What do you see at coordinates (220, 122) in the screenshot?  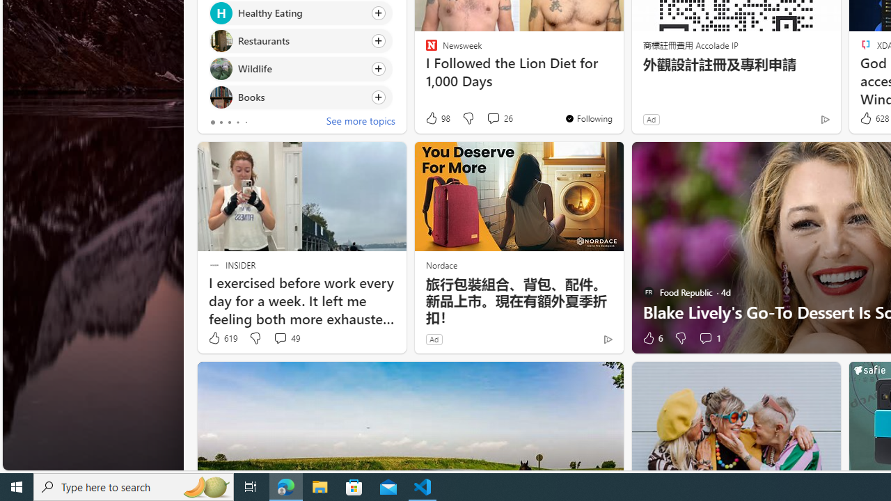 I see `'tab-1'` at bounding box center [220, 122].